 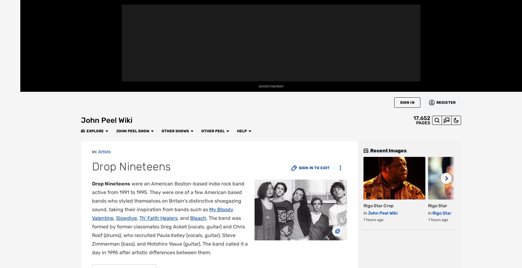 I want to click on 'TV', so click(x=10, y=154).